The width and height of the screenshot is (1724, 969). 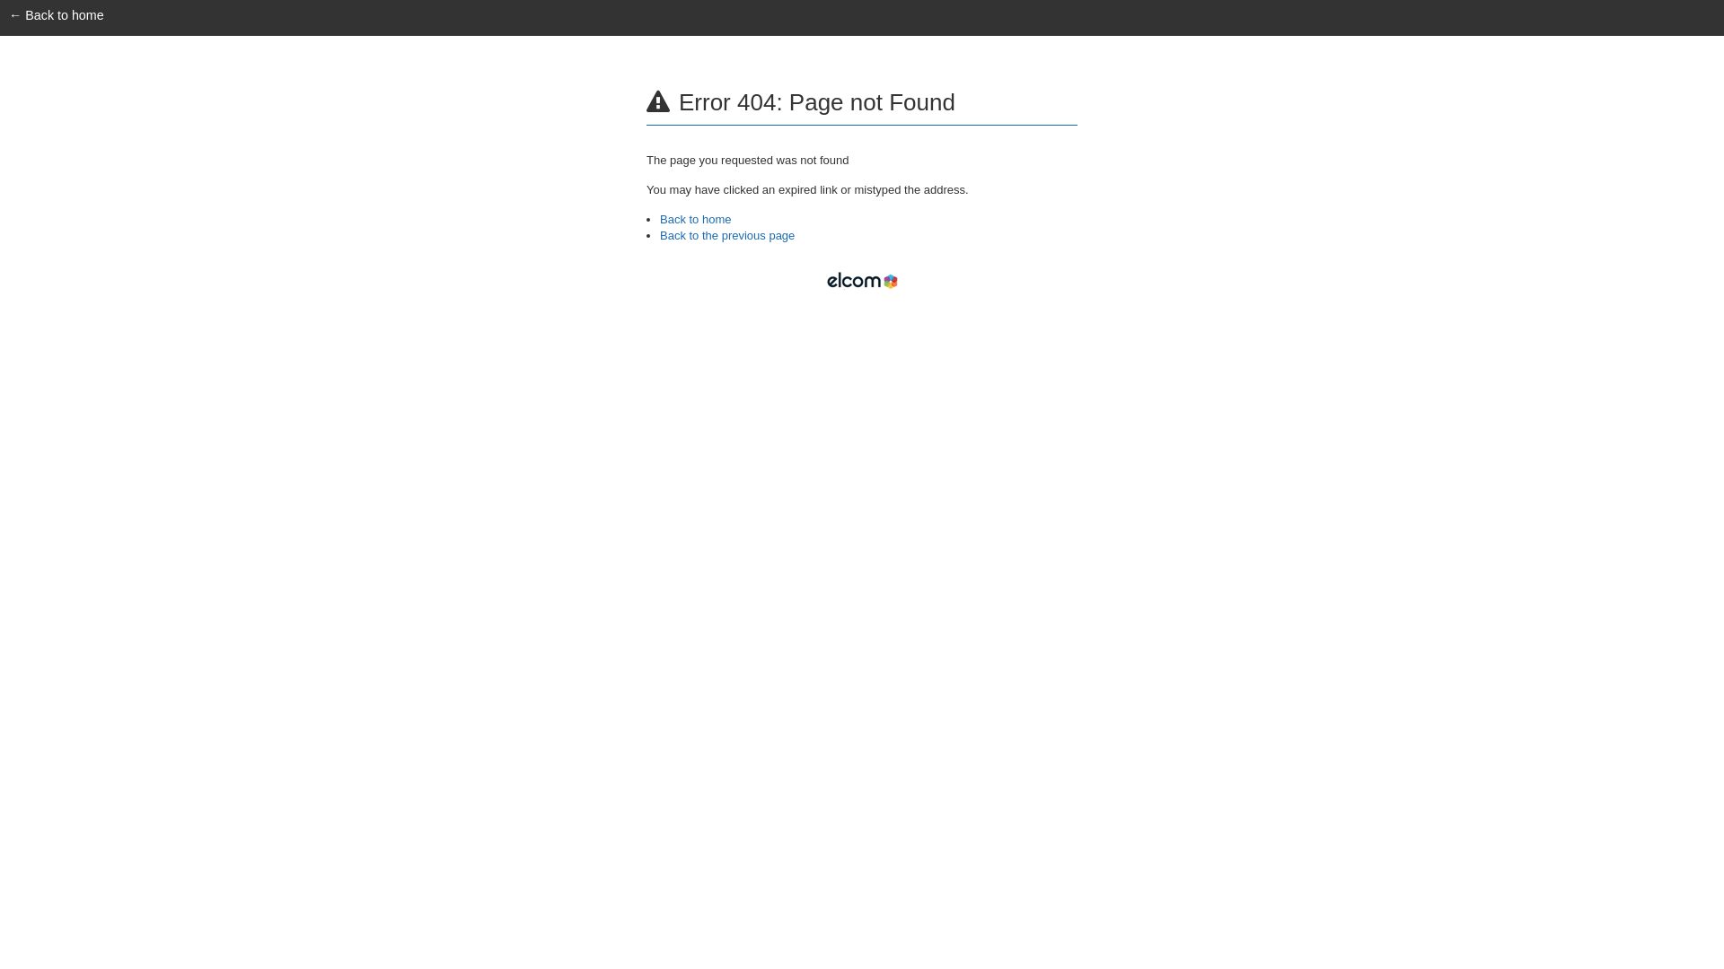 I want to click on 'Back to the previous page', so click(x=727, y=235).